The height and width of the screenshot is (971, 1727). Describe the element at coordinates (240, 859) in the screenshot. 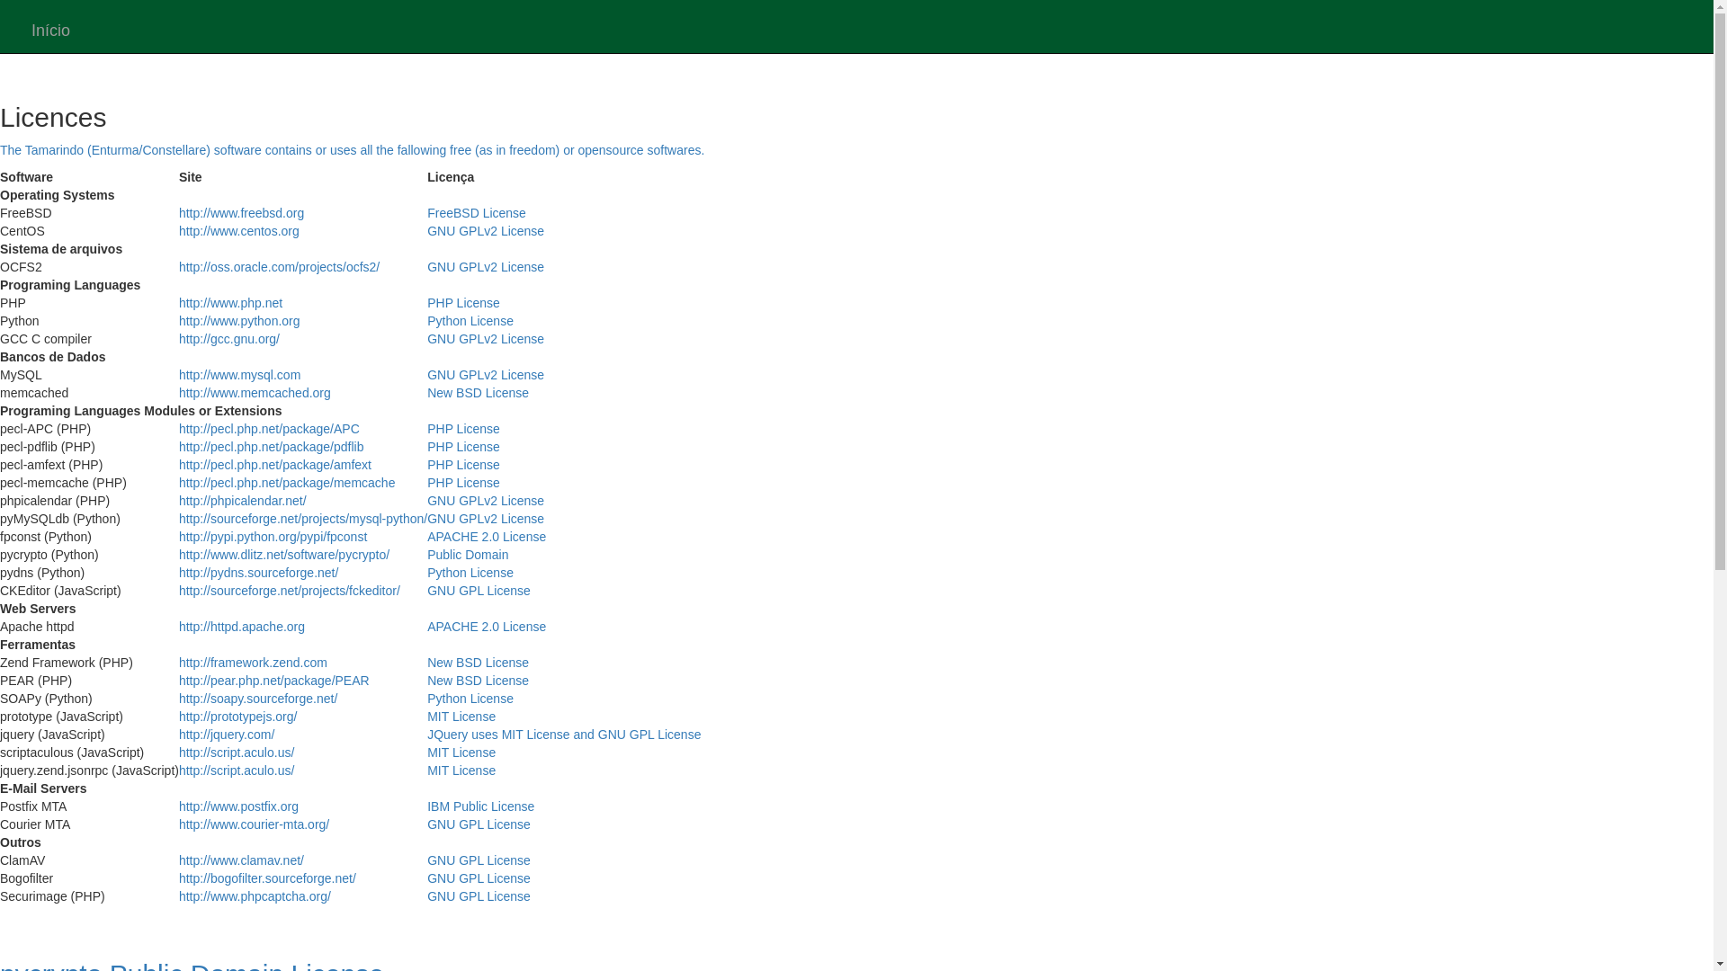

I see `'http://www.clamav.net/'` at that location.